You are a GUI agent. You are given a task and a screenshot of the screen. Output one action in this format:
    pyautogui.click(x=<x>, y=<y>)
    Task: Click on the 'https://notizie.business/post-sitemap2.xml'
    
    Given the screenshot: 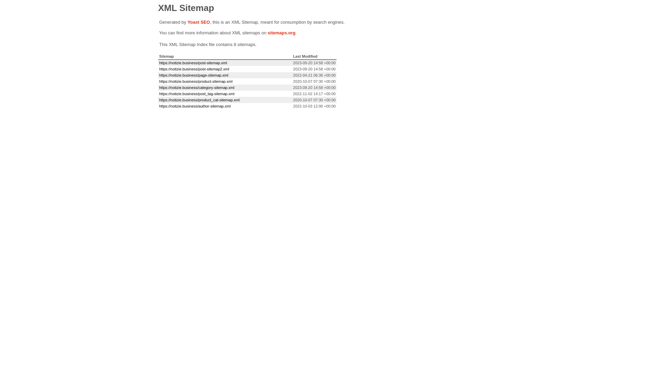 What is the action you would take?
    pyautogui.click(x=194, y=69)
    